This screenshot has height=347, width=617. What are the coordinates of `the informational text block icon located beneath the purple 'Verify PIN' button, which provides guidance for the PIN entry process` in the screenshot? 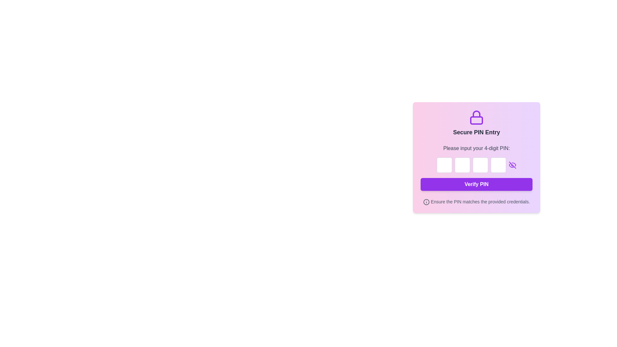 It's located at (477, 201).